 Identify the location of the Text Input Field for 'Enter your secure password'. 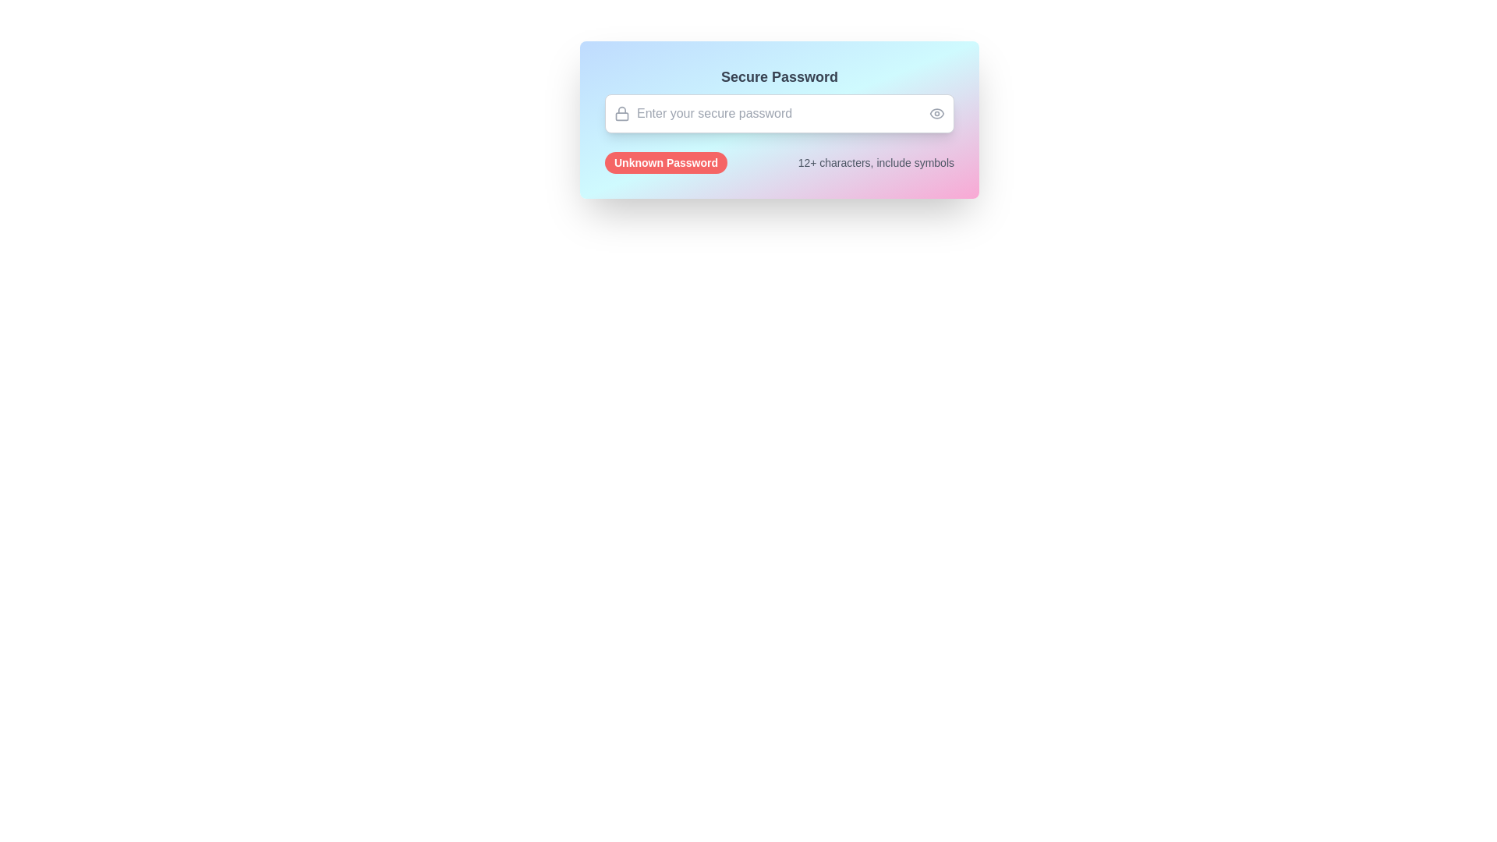
(779, 113).